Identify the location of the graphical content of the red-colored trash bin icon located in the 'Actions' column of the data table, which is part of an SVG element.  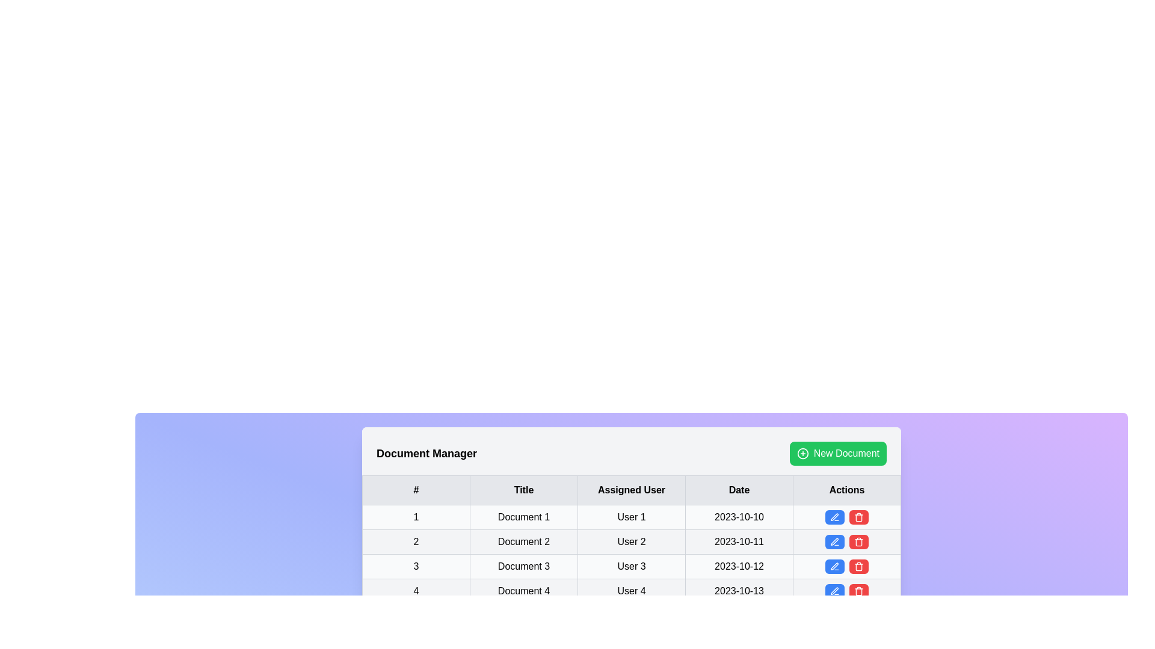
(858, 567).